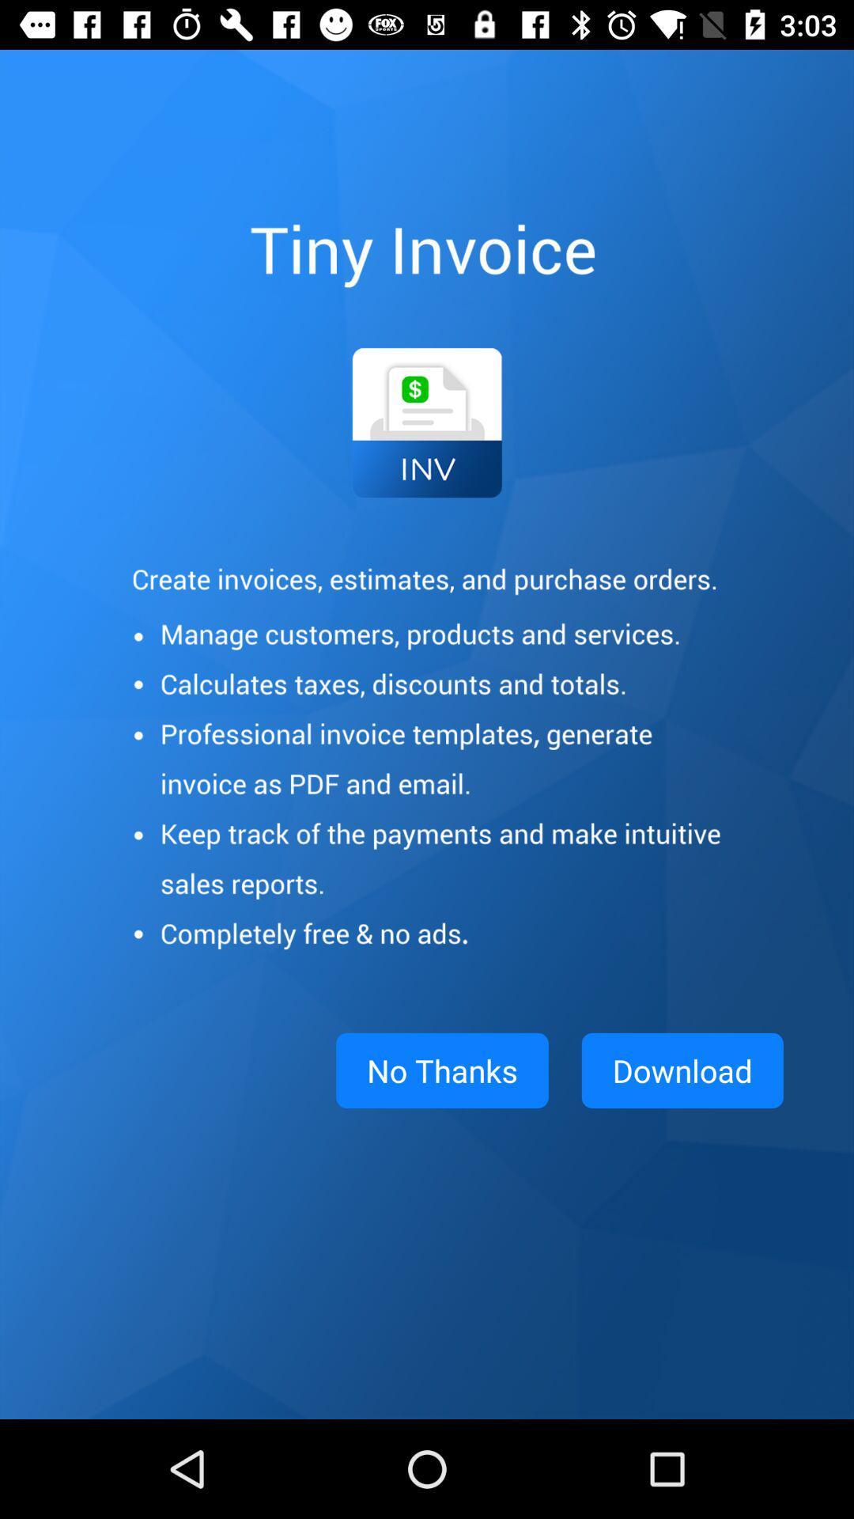  Describe the element at coordinates (682, 1070) in the screenshot. I see `app to the right of no thanks item` at that location.